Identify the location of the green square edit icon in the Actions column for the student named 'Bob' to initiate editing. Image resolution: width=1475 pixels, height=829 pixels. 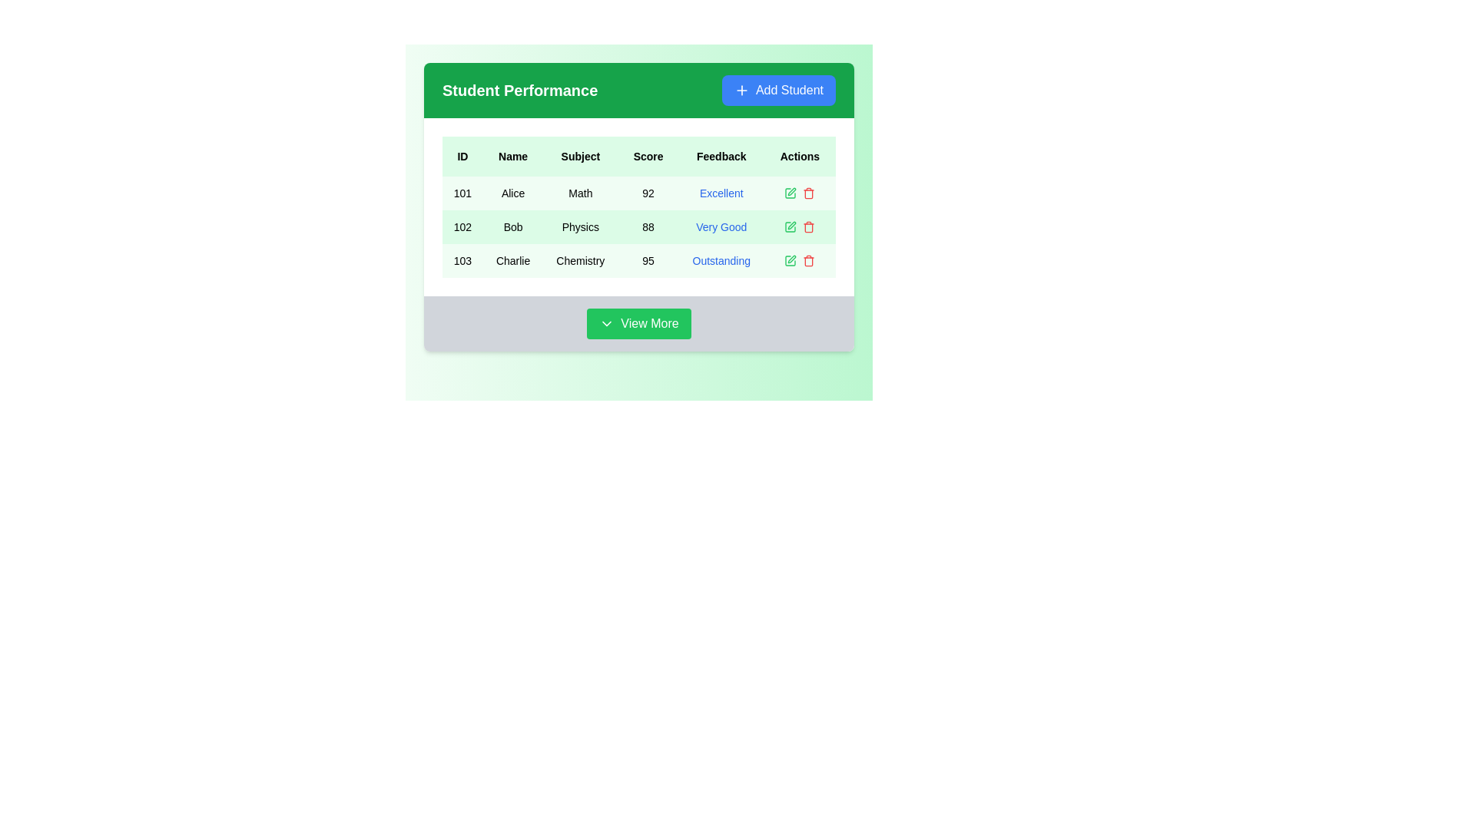
(791, 227).